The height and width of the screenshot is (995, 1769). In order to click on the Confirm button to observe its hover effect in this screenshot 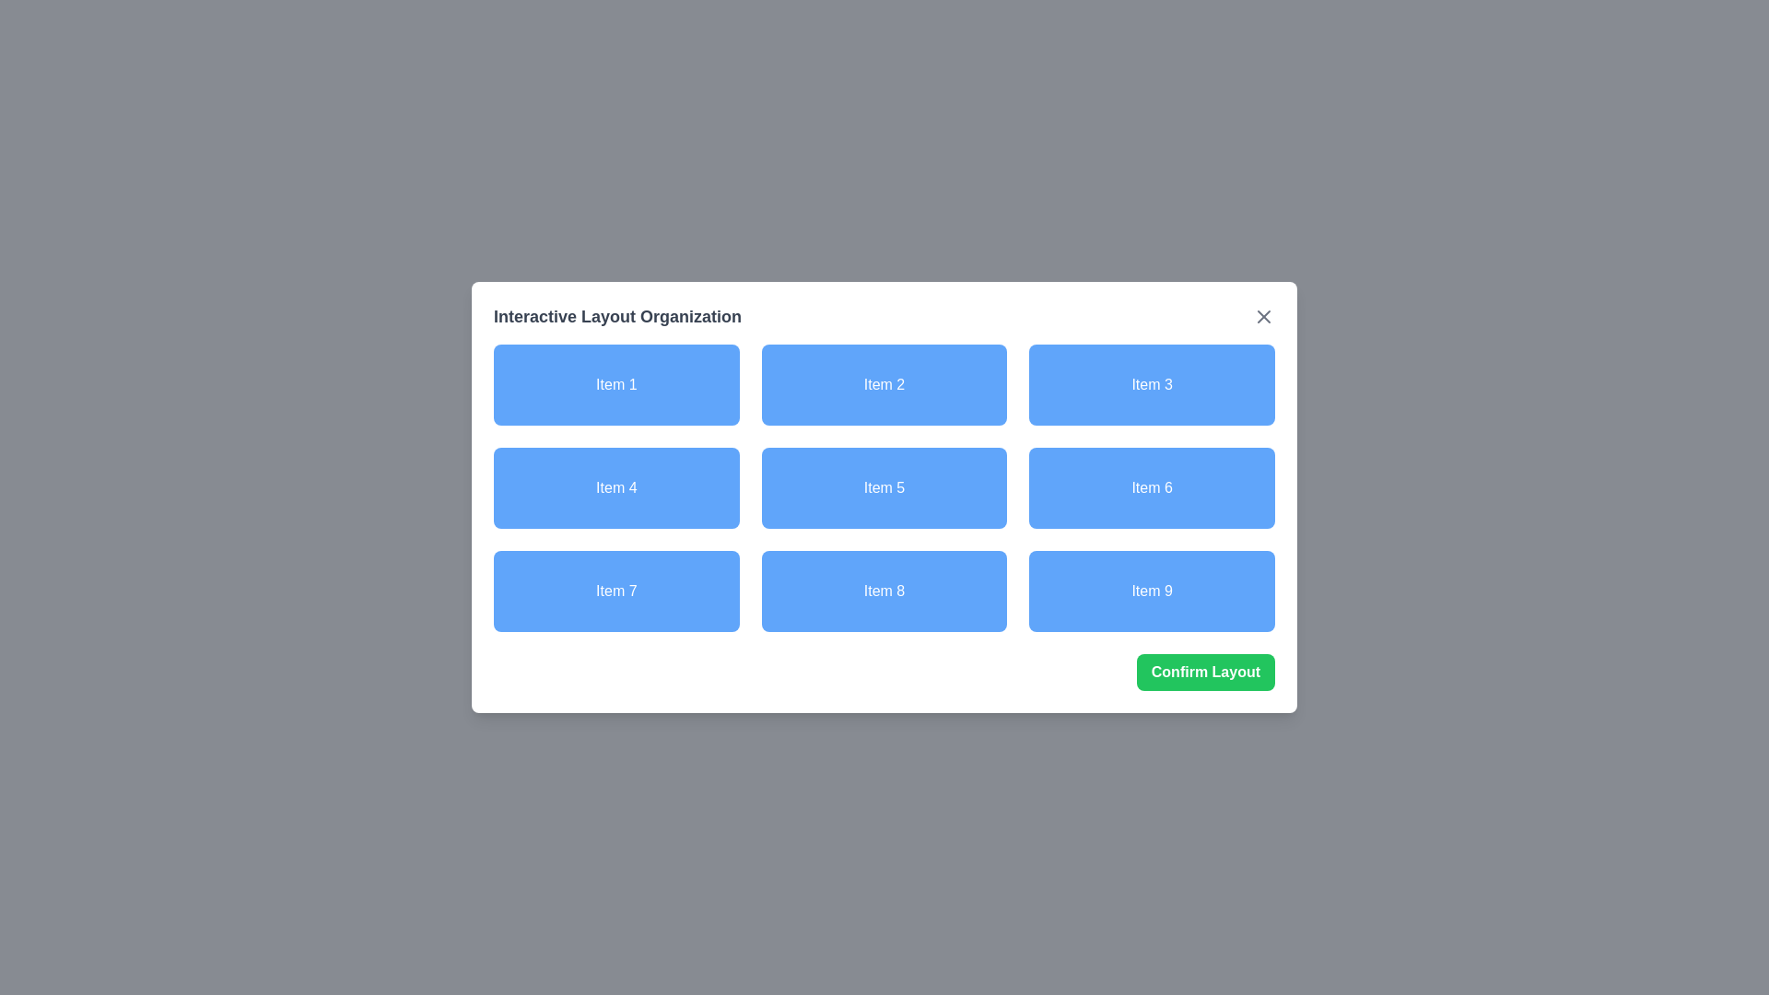, I will do `click(1205, 672)`.